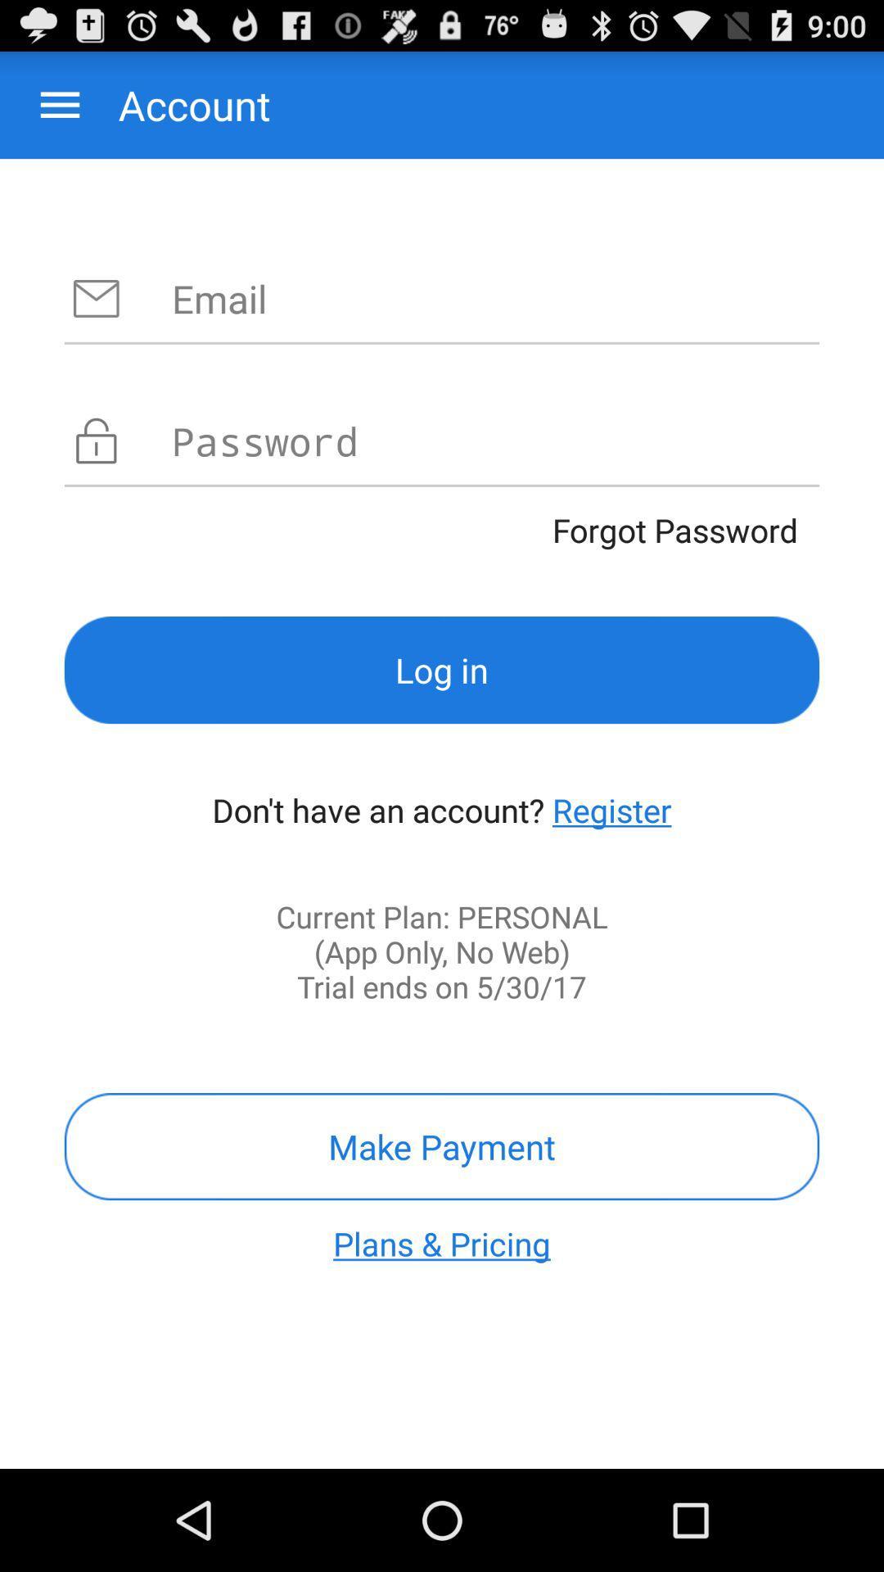  Describe the element at coordinates (611, 810) in the screenshot. I see `icon next to don t have icon` at that location.